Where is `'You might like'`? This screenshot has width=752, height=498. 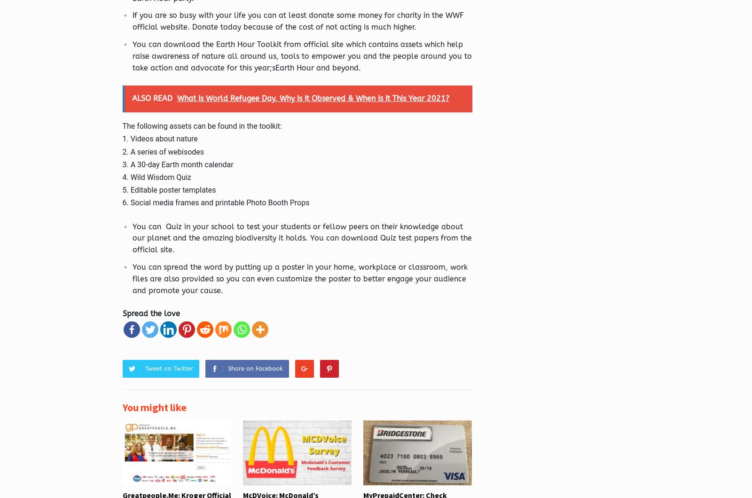
'You might like' is located at coordinates (154, 407).